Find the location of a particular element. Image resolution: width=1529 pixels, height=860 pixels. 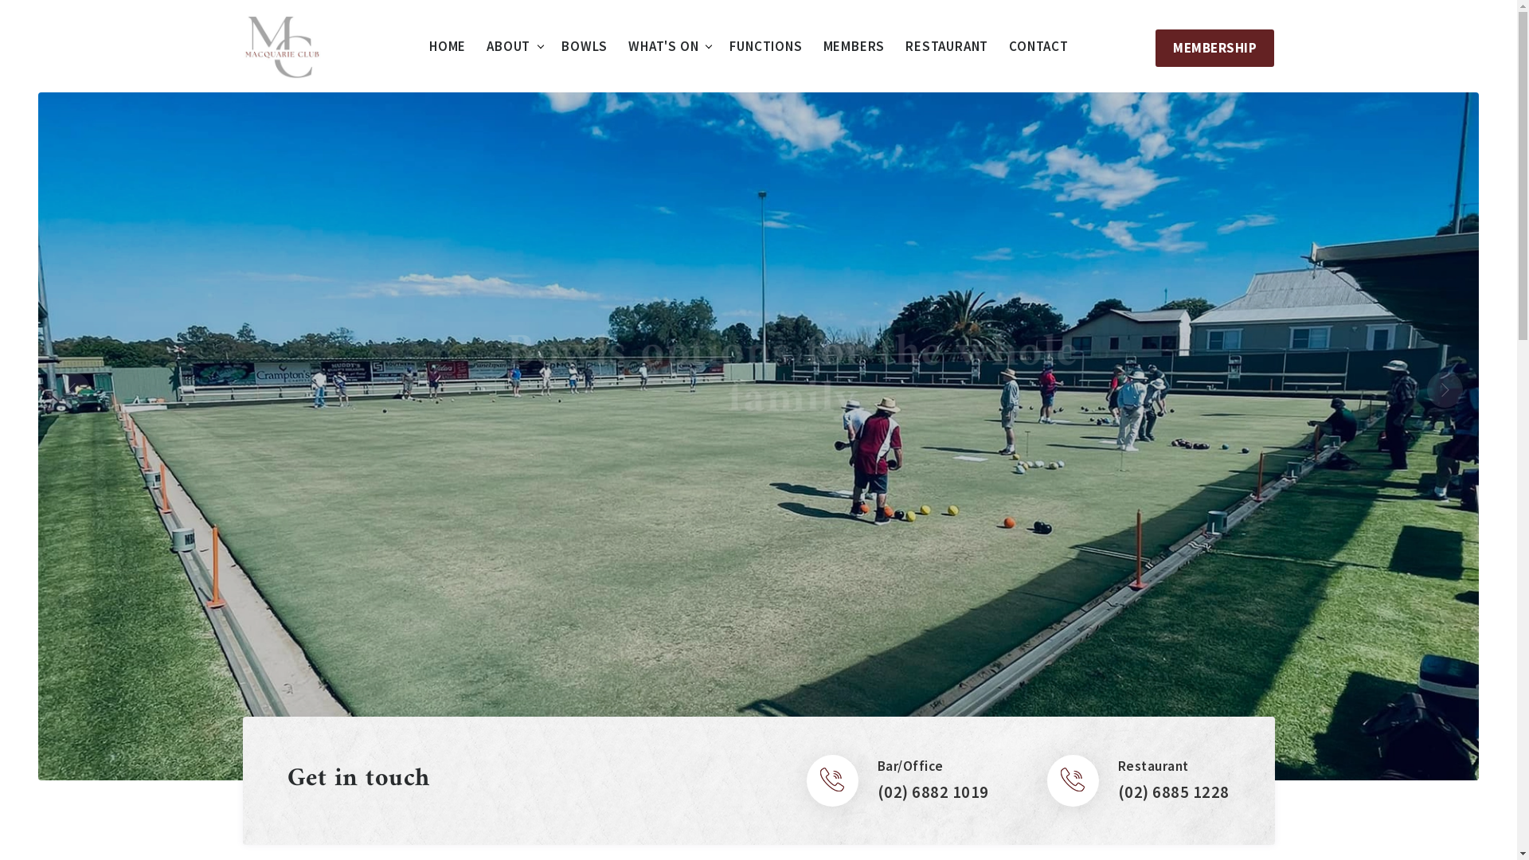

'ABOUT' is located at coordinates (507, 45).